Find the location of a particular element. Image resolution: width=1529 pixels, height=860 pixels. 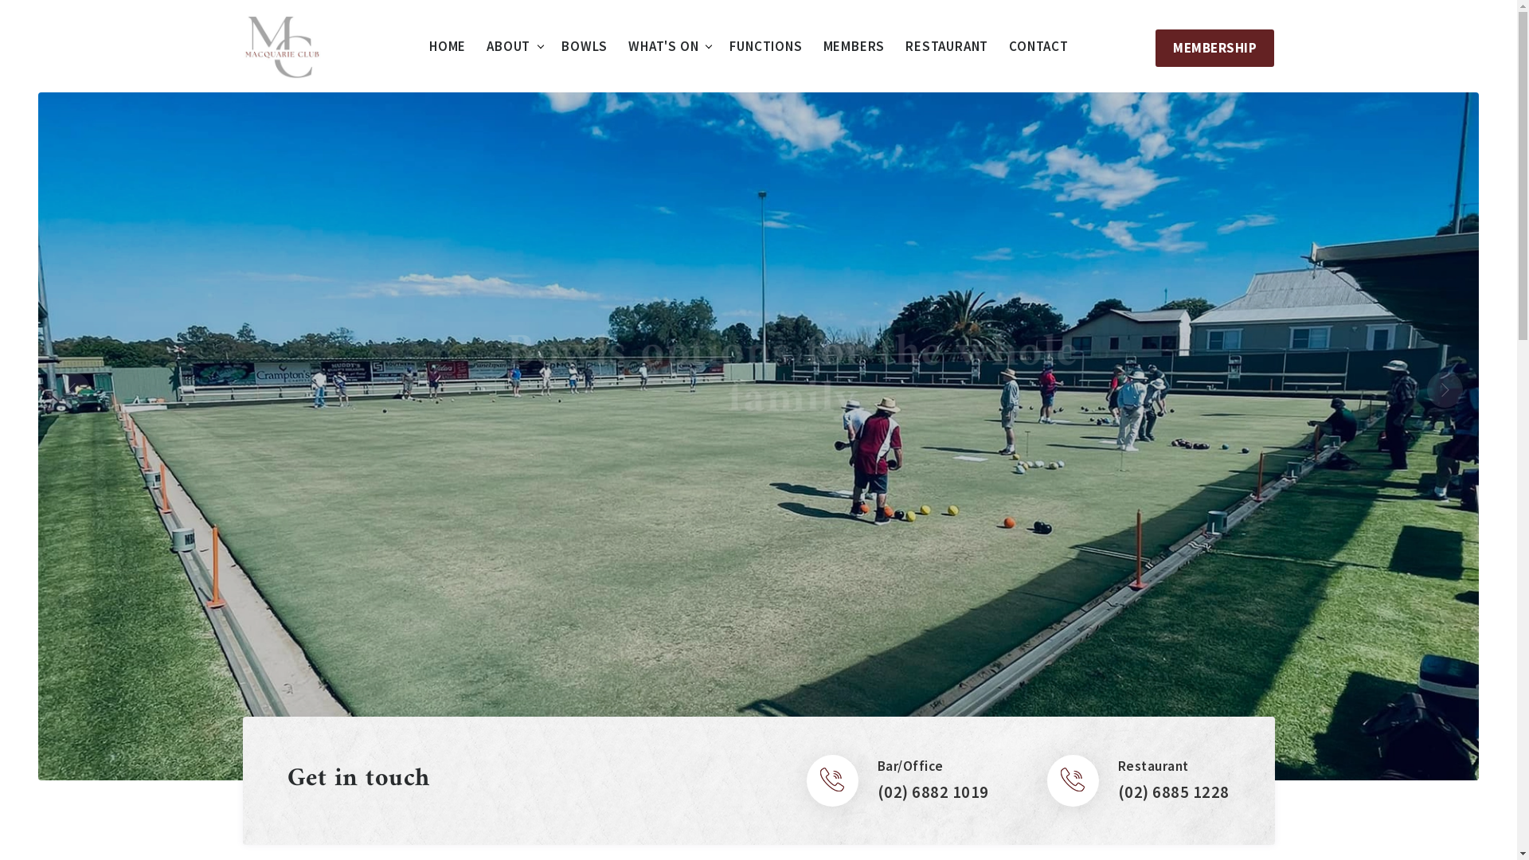

'ABOUT' is located at coordinates (507, 45).